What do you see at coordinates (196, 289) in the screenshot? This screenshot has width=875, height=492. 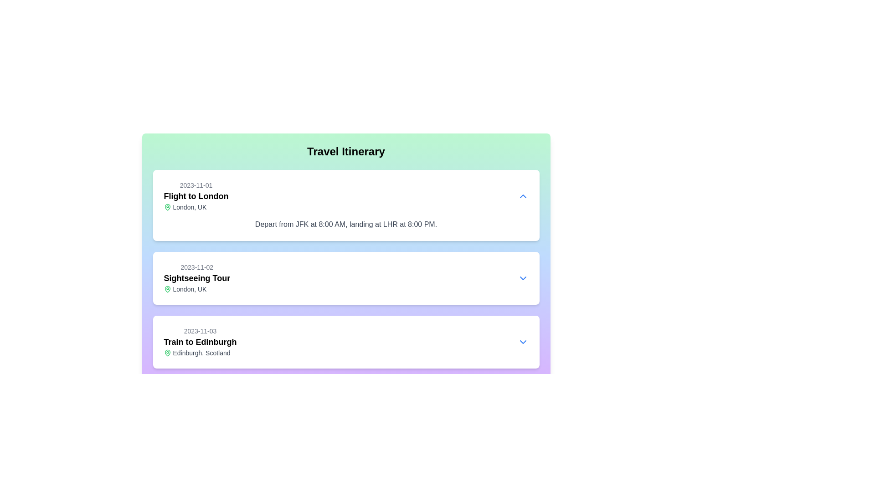 I see `informational text indicating the geographical location associated with the 'Sightseeing Tour', which states 'London, UK'. This text is located below the header 'Sightseeing Tour' within the 'Travel Itinerary' section` at bounding box center [196, 289].